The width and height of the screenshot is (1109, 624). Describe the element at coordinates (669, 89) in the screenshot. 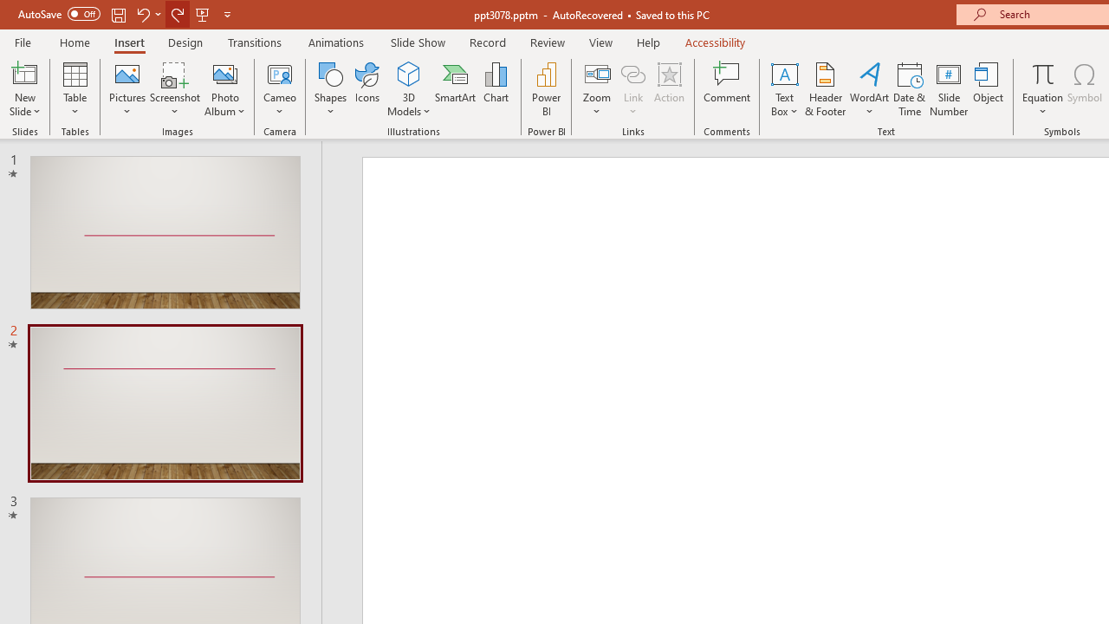

I see `'Action'` at that location.